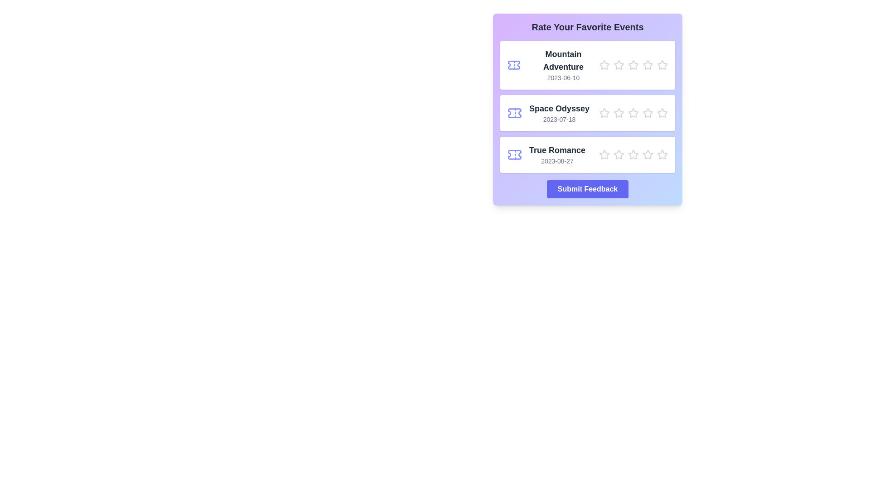 The width and height of the screenshot is (870, 489). What do you see at coordinates (604, 64) in the screenshot?
I see `the star corresponding to the rating 1 for the movie Mountain Adventure` at bounding box center [604, 64].